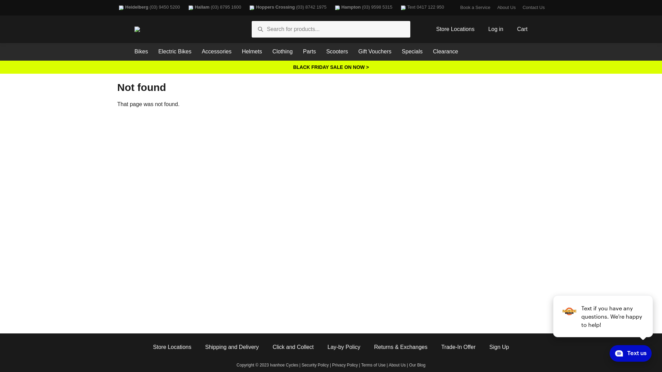 The height and width of the screenshot is (372, 662). Describe the element at coordinates (489, 347) in the screenshot. I see `'Sign Up'` at that location.